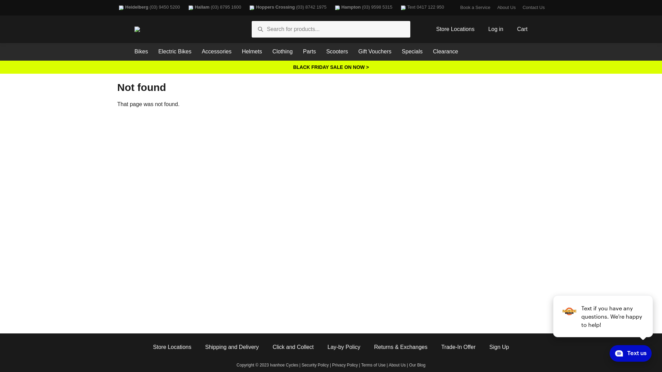 The height and width of the screenshot is (372, 662). Describe the element at coordinates (489, 347) in the screenshot. I see `'Sign Up'` at that location.